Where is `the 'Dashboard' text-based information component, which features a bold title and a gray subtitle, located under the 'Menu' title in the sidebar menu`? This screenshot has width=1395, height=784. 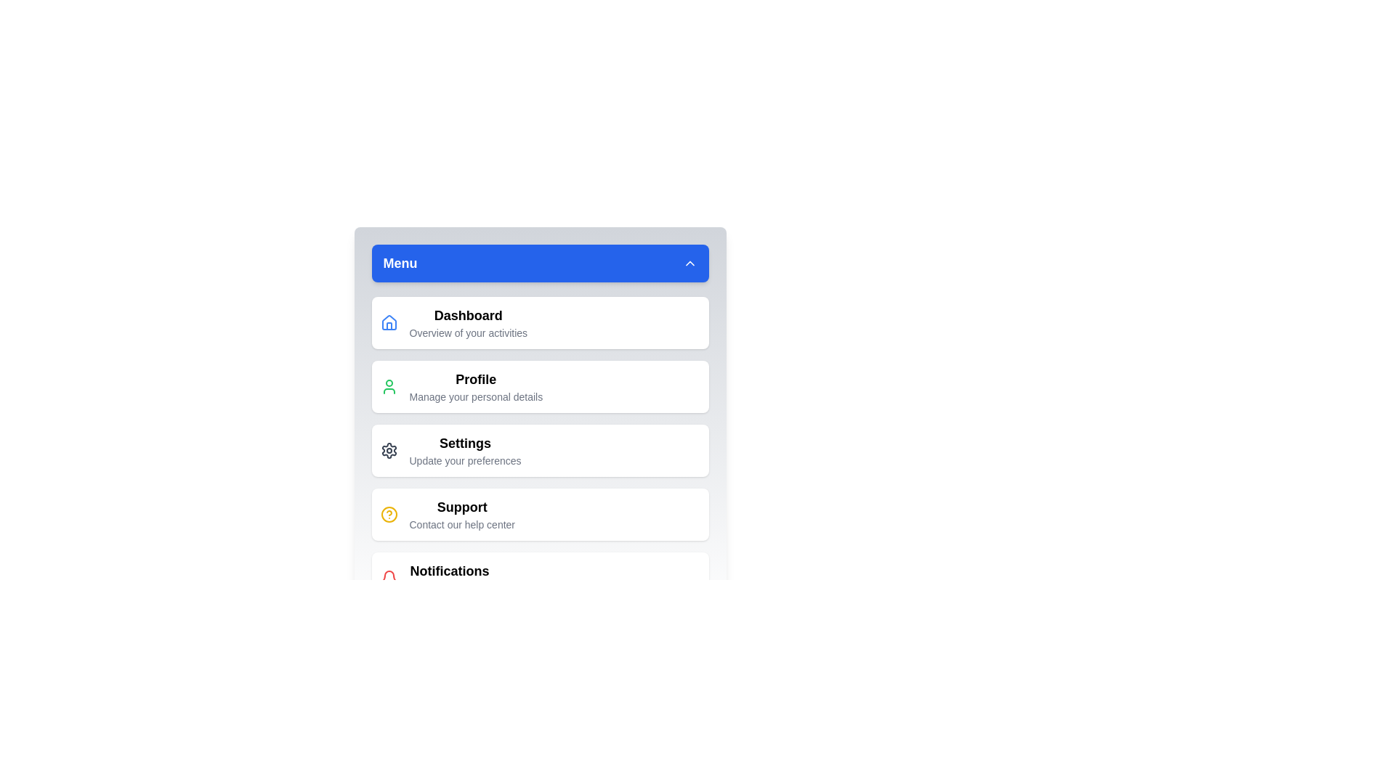 the 'Dashboard' text-based information component, which features a bold title and a gray subtitle, located under the 'Menu' title in the sidebar menu is located at coordinates (468, 322).